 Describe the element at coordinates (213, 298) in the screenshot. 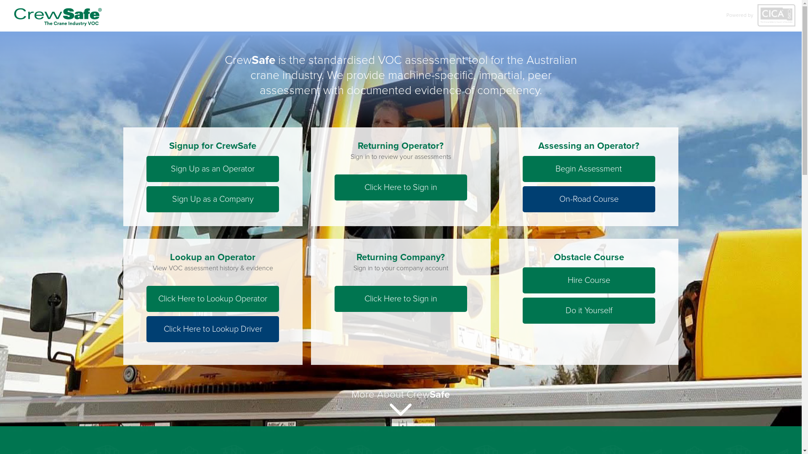

I see `'Click Here to Lookup Operator'` at that location.